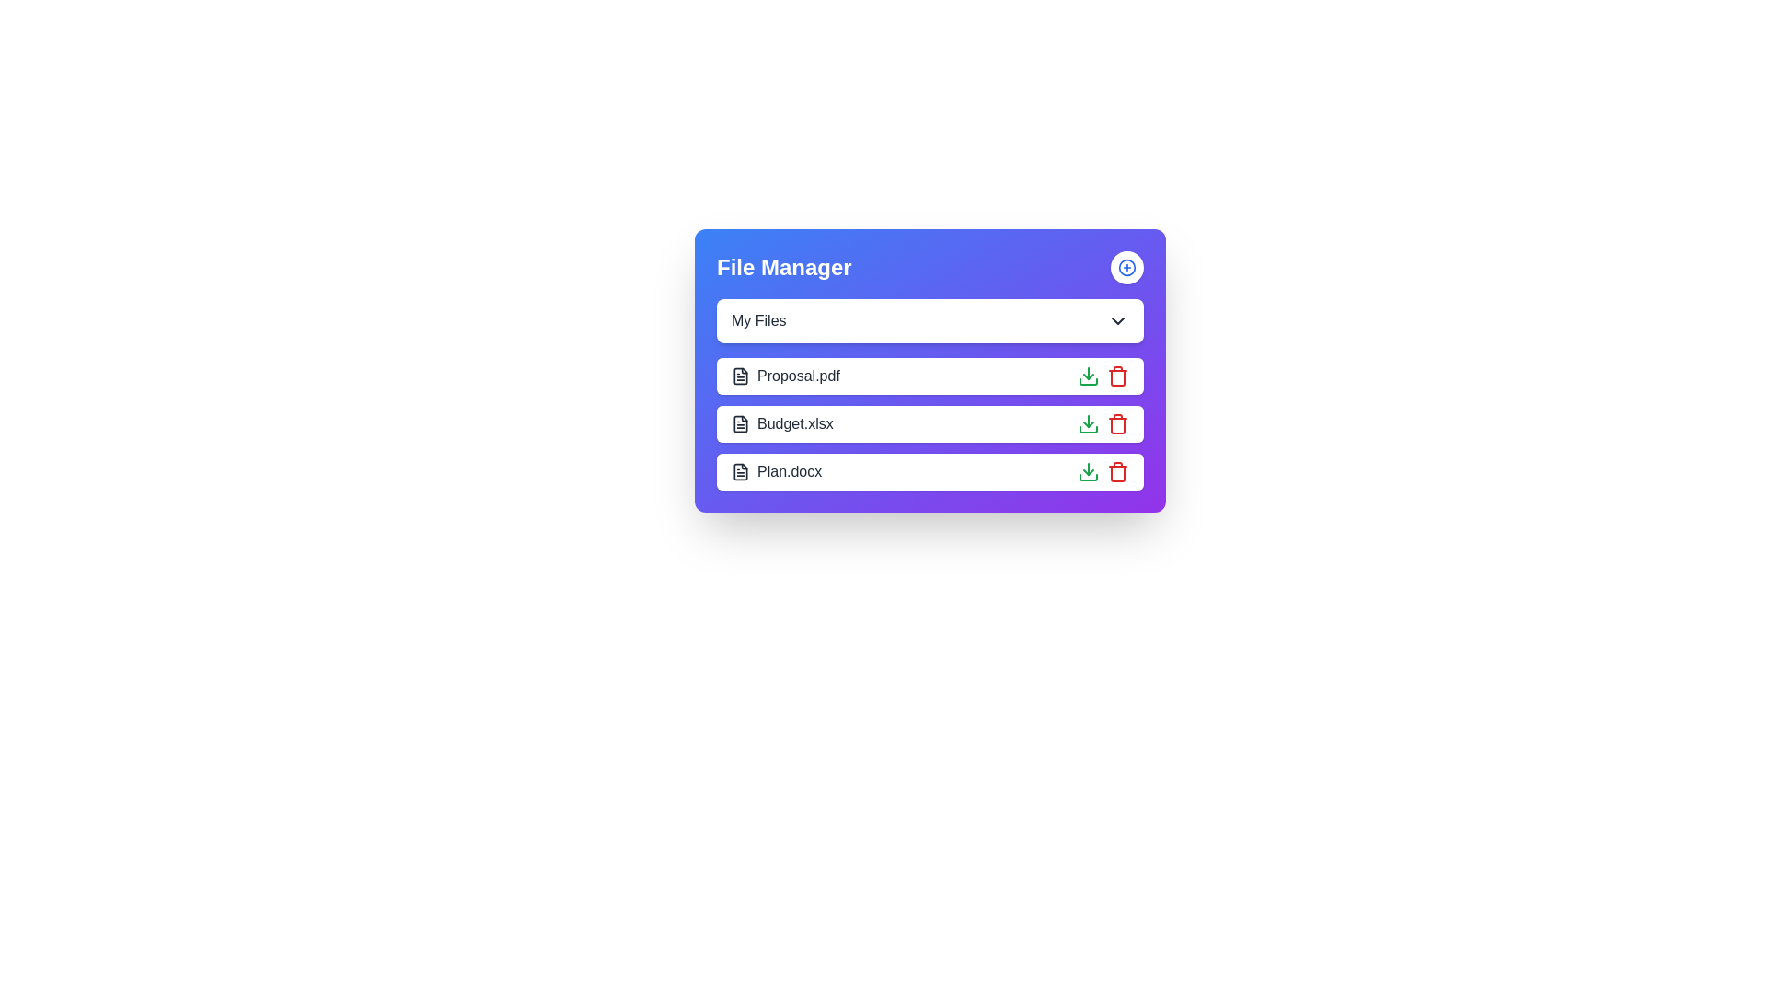 Image resolution: width=1767 pixels, height=994 pixels. What do you see at coordinates (777, 471) in the screenshot?
I see `the third text label in the vertical list of file entries in the file manager interface` at bounding box center [777, 471].